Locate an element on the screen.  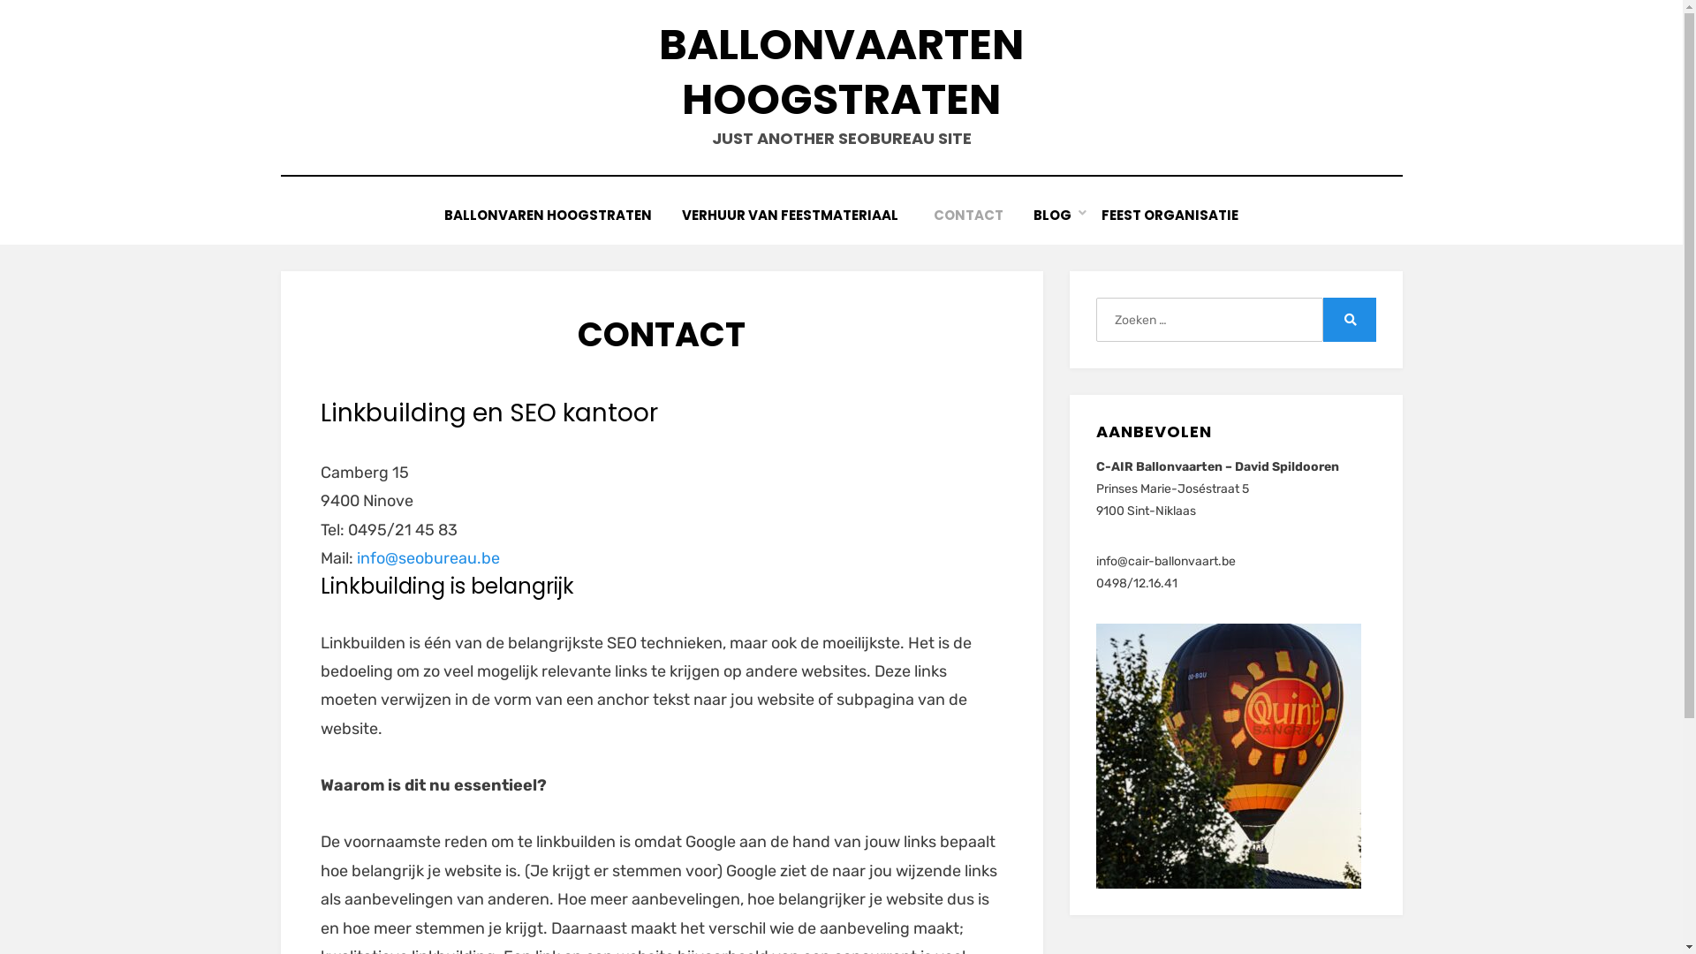
'info@cair-ballonvaart.be' is located at coordinates (1166, 561).